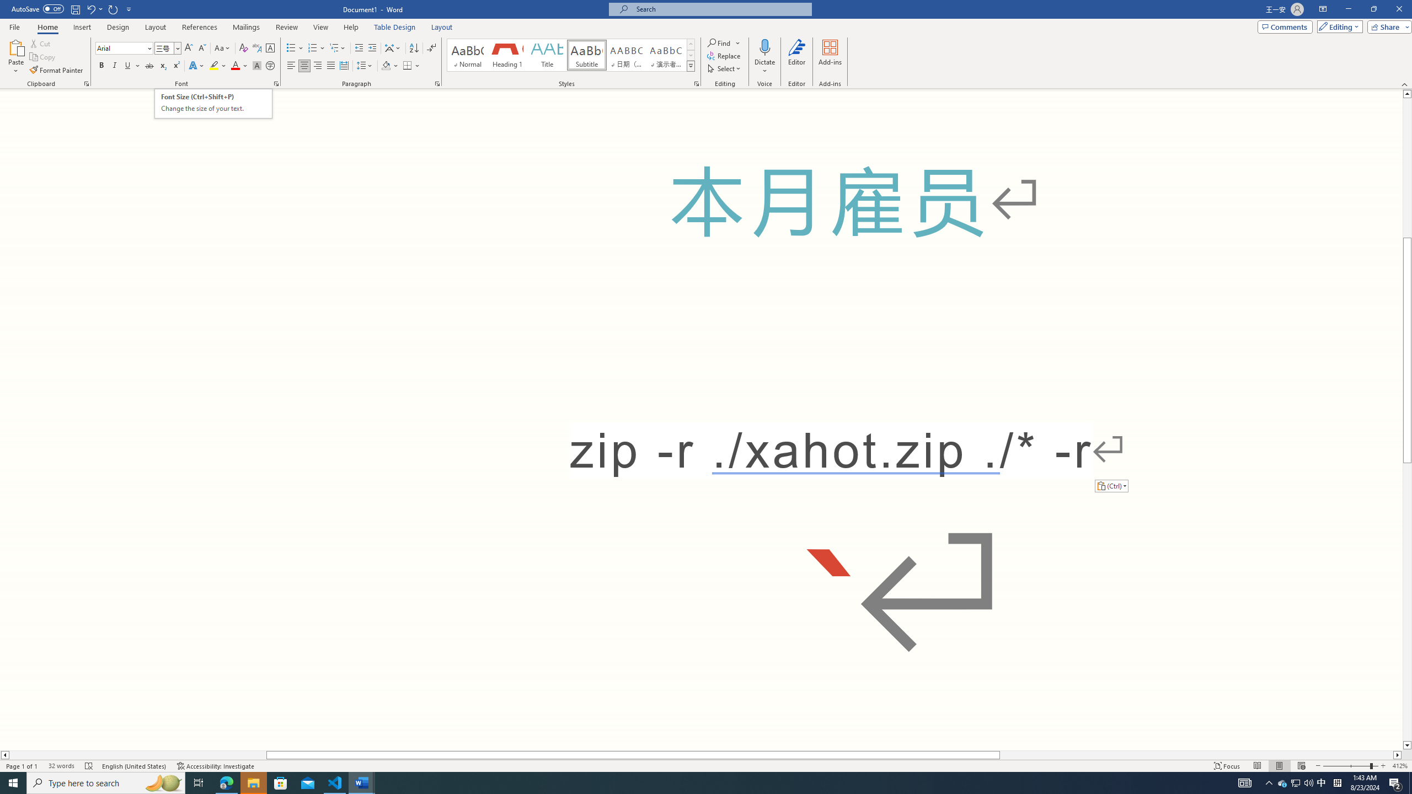  What do you see at coordinates (1397, 754) in the screenshot?
I see `'Column right'` at bounding box center [1397, 754].